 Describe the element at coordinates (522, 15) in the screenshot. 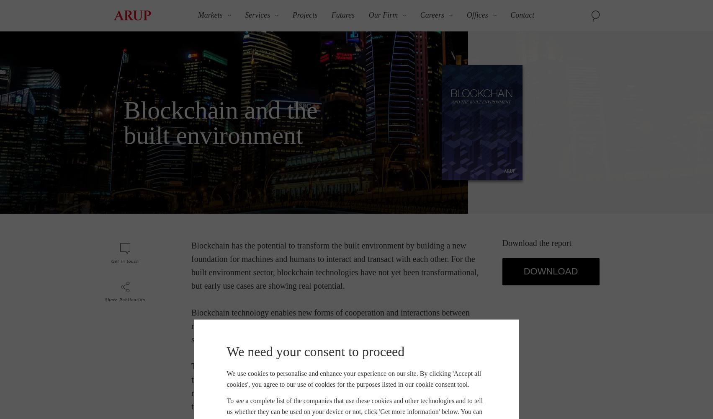

I see `'Contact'` at that location.